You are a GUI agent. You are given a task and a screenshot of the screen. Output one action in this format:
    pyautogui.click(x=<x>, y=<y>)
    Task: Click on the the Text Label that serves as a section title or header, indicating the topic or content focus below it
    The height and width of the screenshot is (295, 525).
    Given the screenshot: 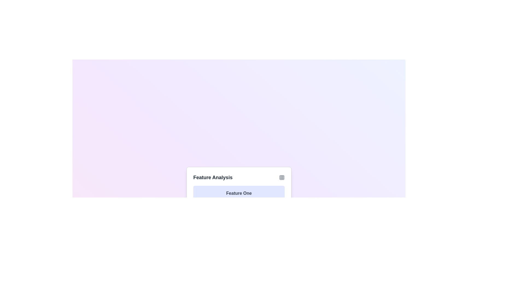 What is the action you would take?
    pyautogui.click(x=212, y=178)
    